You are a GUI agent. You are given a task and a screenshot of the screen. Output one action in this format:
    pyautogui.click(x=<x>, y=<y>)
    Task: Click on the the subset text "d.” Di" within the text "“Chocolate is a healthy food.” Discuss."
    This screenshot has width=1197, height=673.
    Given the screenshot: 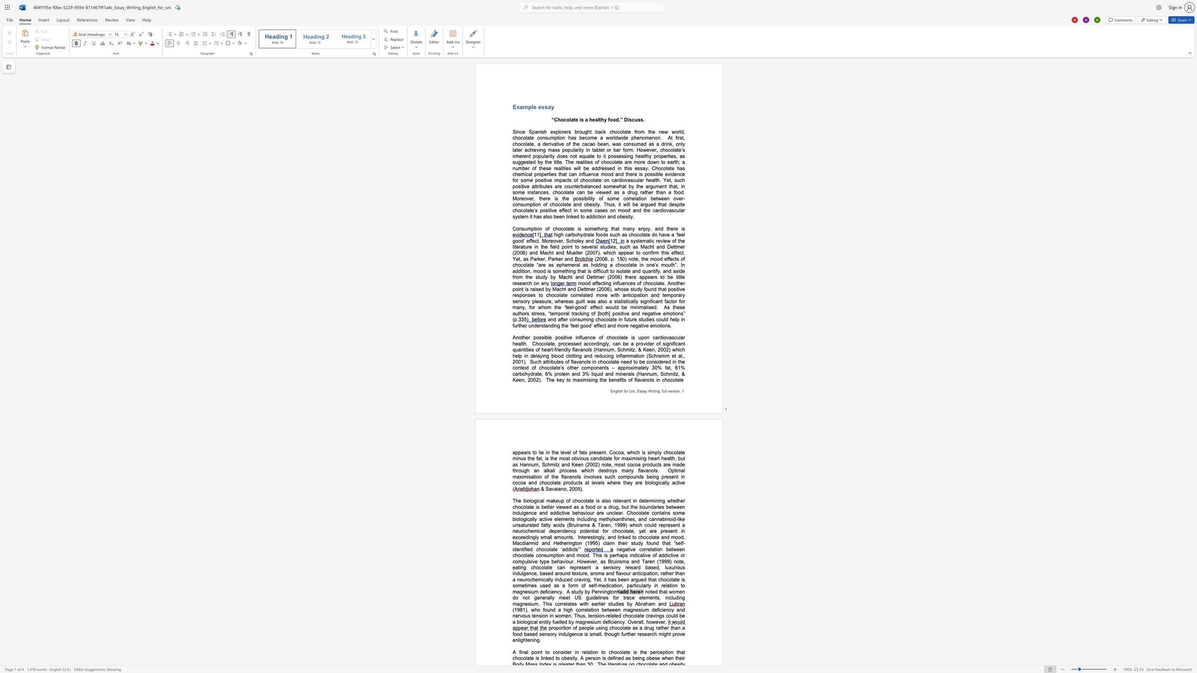 What is the action you would take?
    pyautogui.click(x=615, y=120)
    